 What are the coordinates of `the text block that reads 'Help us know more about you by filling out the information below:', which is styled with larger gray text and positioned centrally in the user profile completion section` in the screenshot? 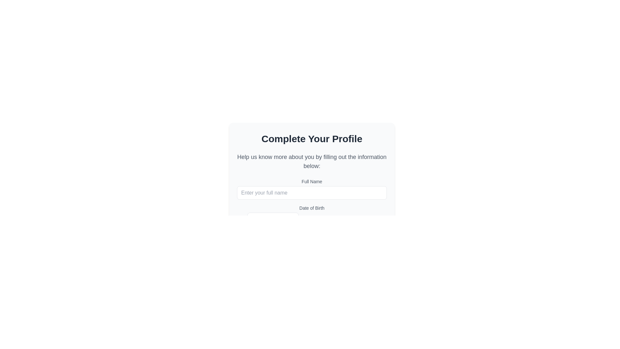 It's located at (312, 161).